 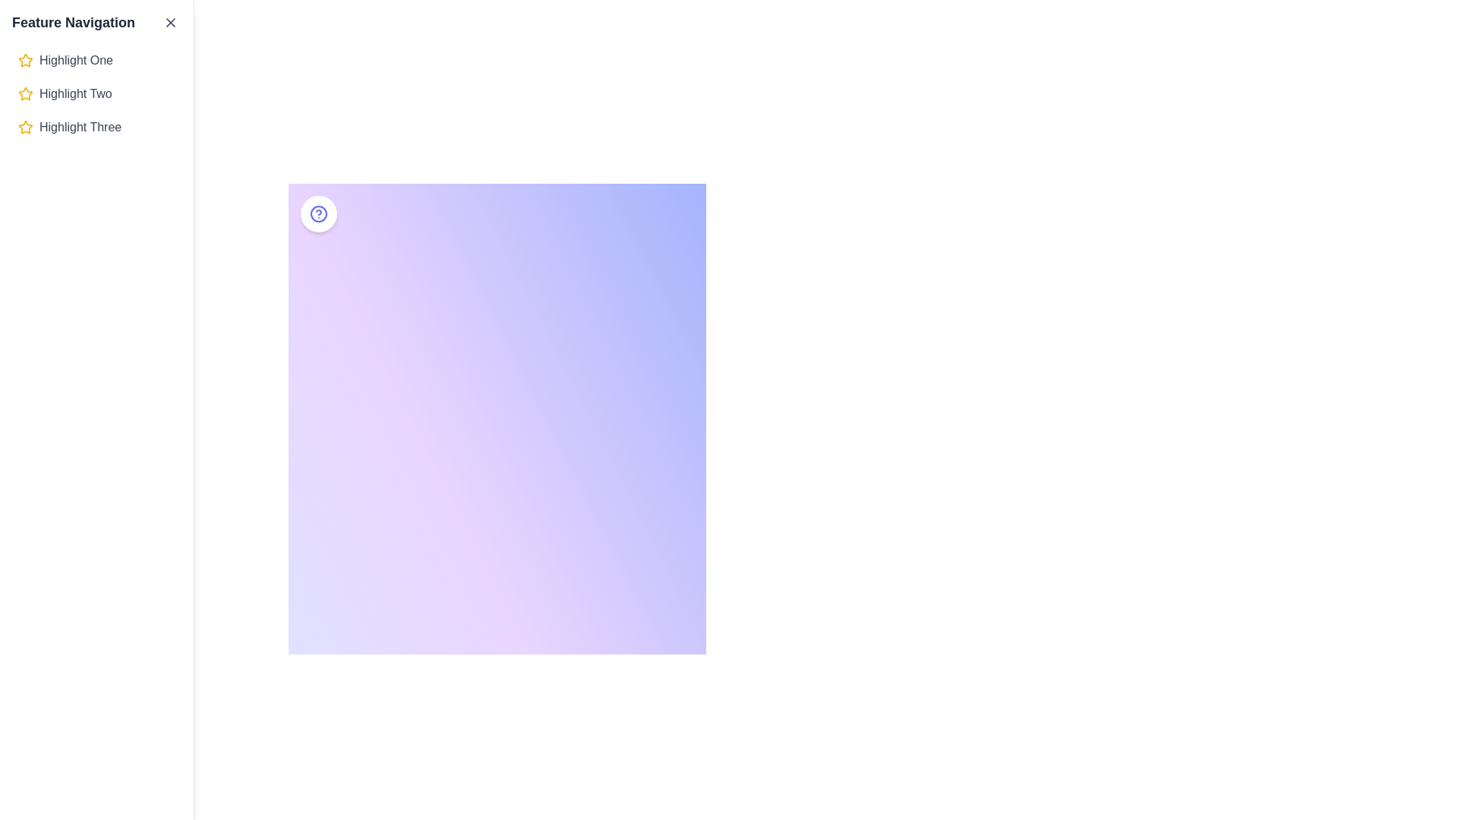 I want to click on the star icon indicating the active state of 'Highlight Three' option located in the left menu panel, so click(x=25, y=127).